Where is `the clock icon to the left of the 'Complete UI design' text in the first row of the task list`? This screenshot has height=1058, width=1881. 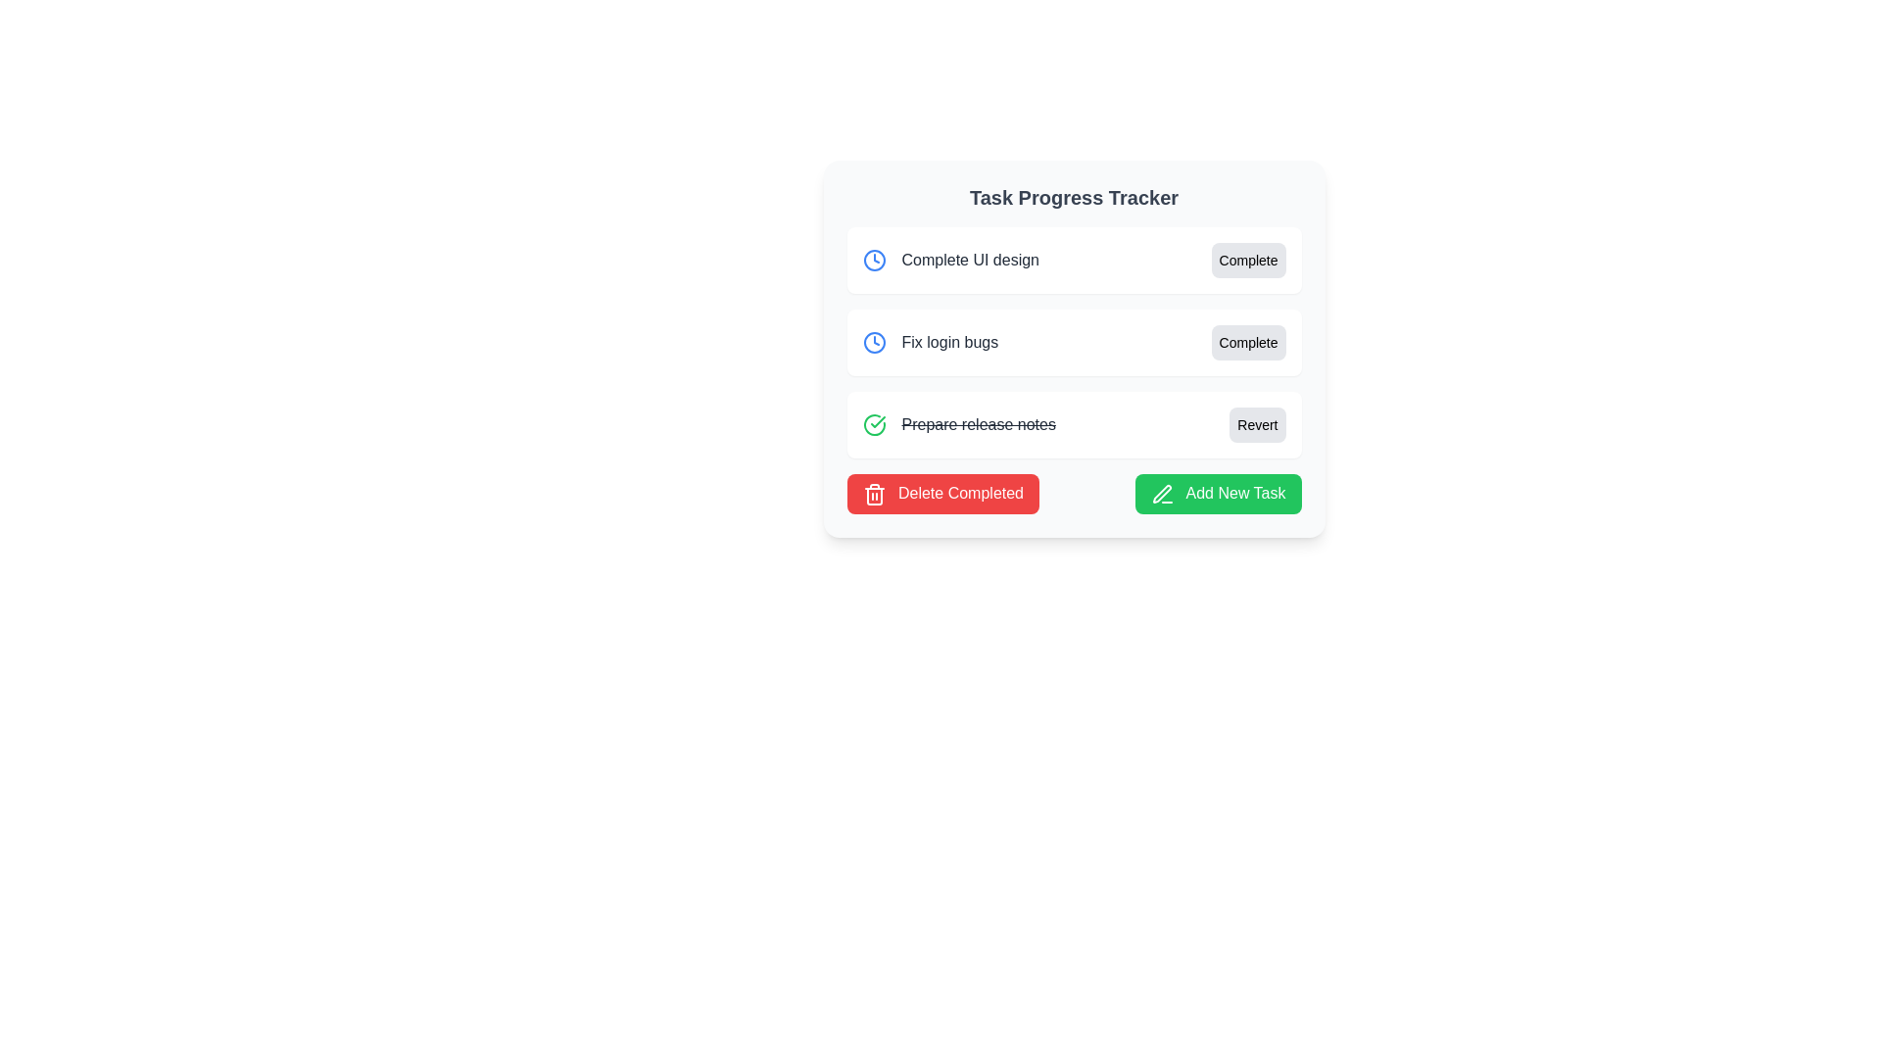
the clock icon to the left of the 'Complete UI design' text in the first row of the task list is located at coordinates (873, 260).